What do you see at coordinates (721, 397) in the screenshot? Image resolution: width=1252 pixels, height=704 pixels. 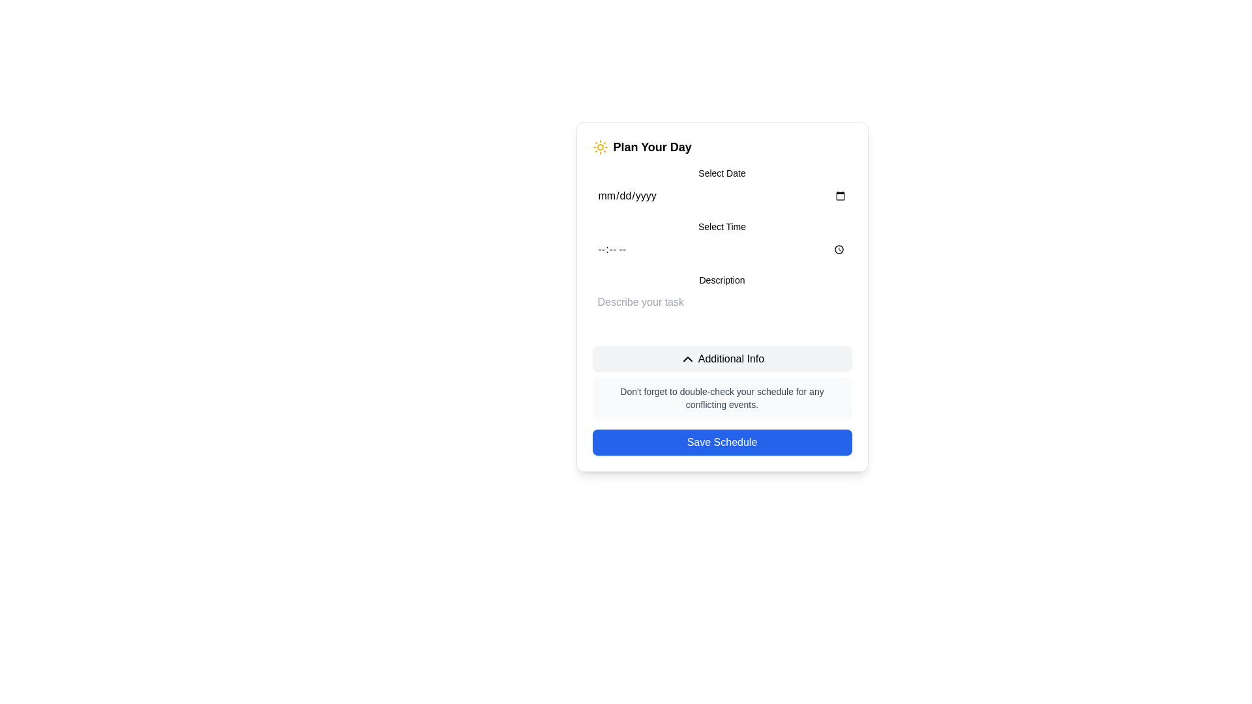 I see `the text block with a light-gray background that contains the message 'Don't forget to double-check your schedule for any conflicting events.' positioned below the 'Additional Info' button and above the blue 'Save Schedule' button` at bounding box center [721, 397].